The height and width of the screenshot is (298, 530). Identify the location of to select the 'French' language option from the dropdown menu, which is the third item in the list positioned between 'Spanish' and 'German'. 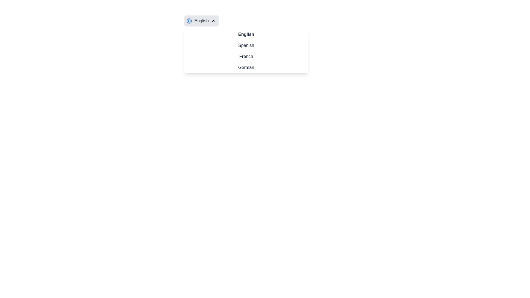
(246, 56).